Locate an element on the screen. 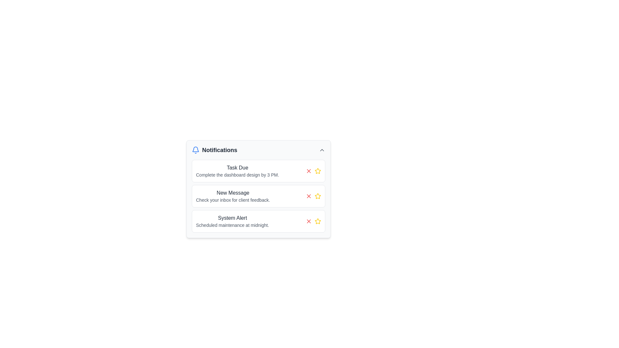  the 'Notifications' text label element, which is styled in bold dark gray and positioned next to a bell icon in the notification panel interface is located at coordinates (214, 150).